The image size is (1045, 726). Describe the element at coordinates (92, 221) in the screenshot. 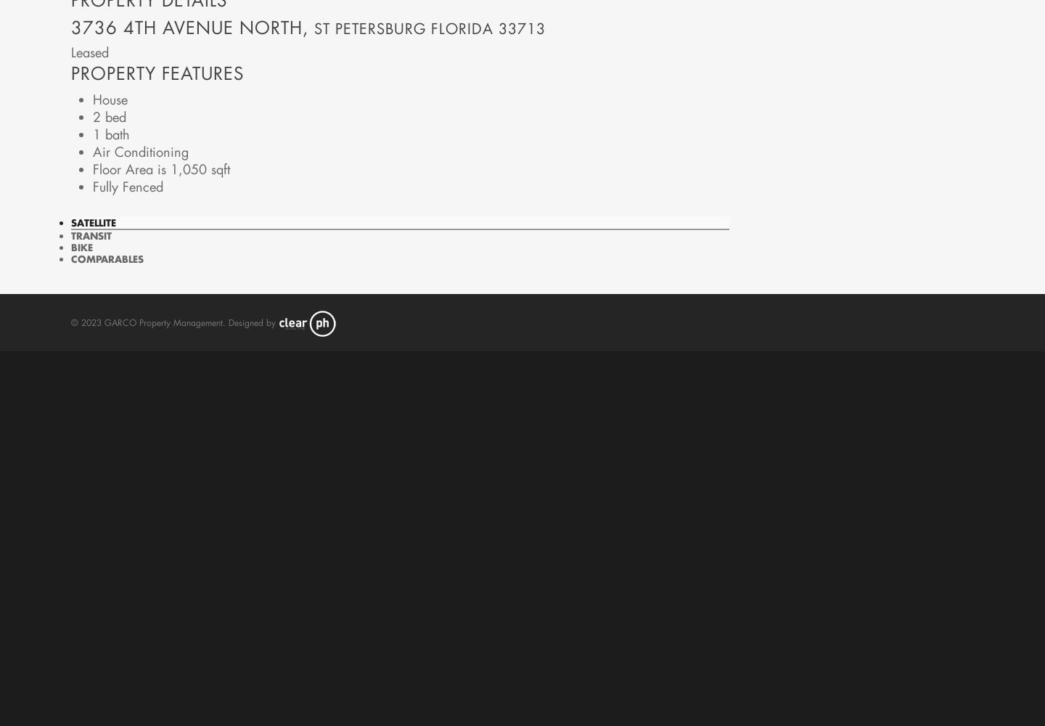

I see `'Satellite'` at that location.